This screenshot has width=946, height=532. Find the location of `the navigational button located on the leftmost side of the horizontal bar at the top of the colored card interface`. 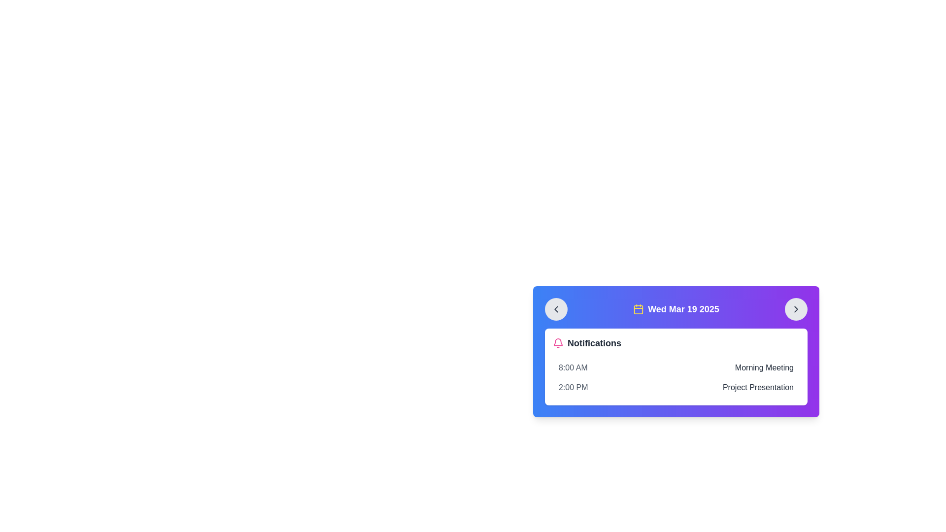

the navigational button located on the leftmost side of the horizontal bar at the top of the colored card interface is located at coordinates (556, 309).